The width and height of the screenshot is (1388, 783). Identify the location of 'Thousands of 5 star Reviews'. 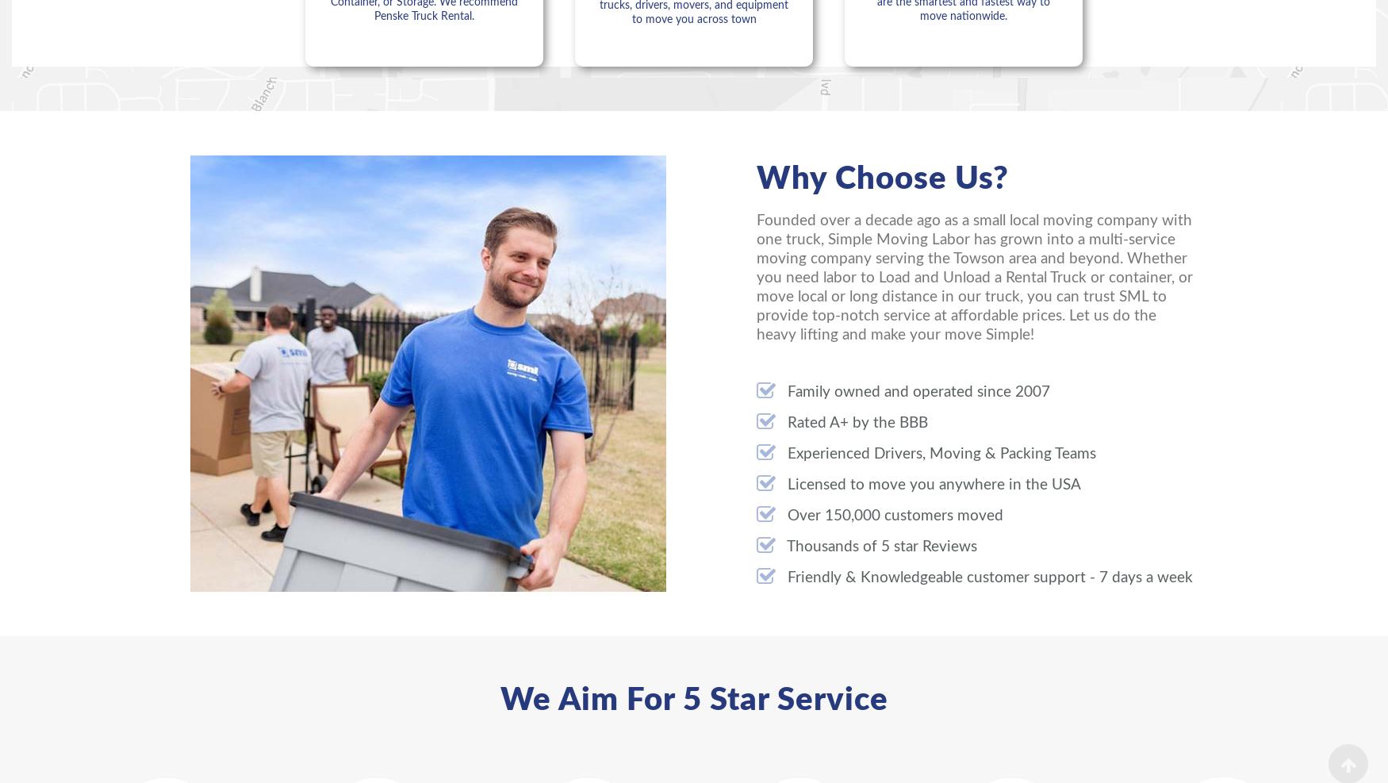
(880, 547).